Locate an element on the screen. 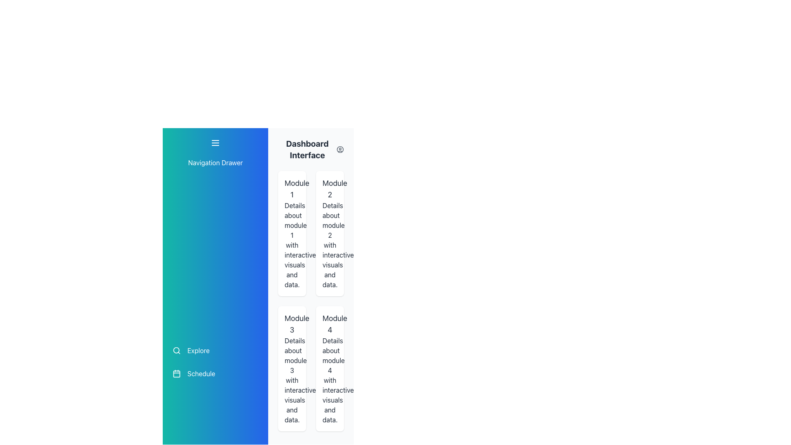  the 'Schedule' text label within the vertical navigation menu on the left side of the interface is located at coordinates (201, 373).